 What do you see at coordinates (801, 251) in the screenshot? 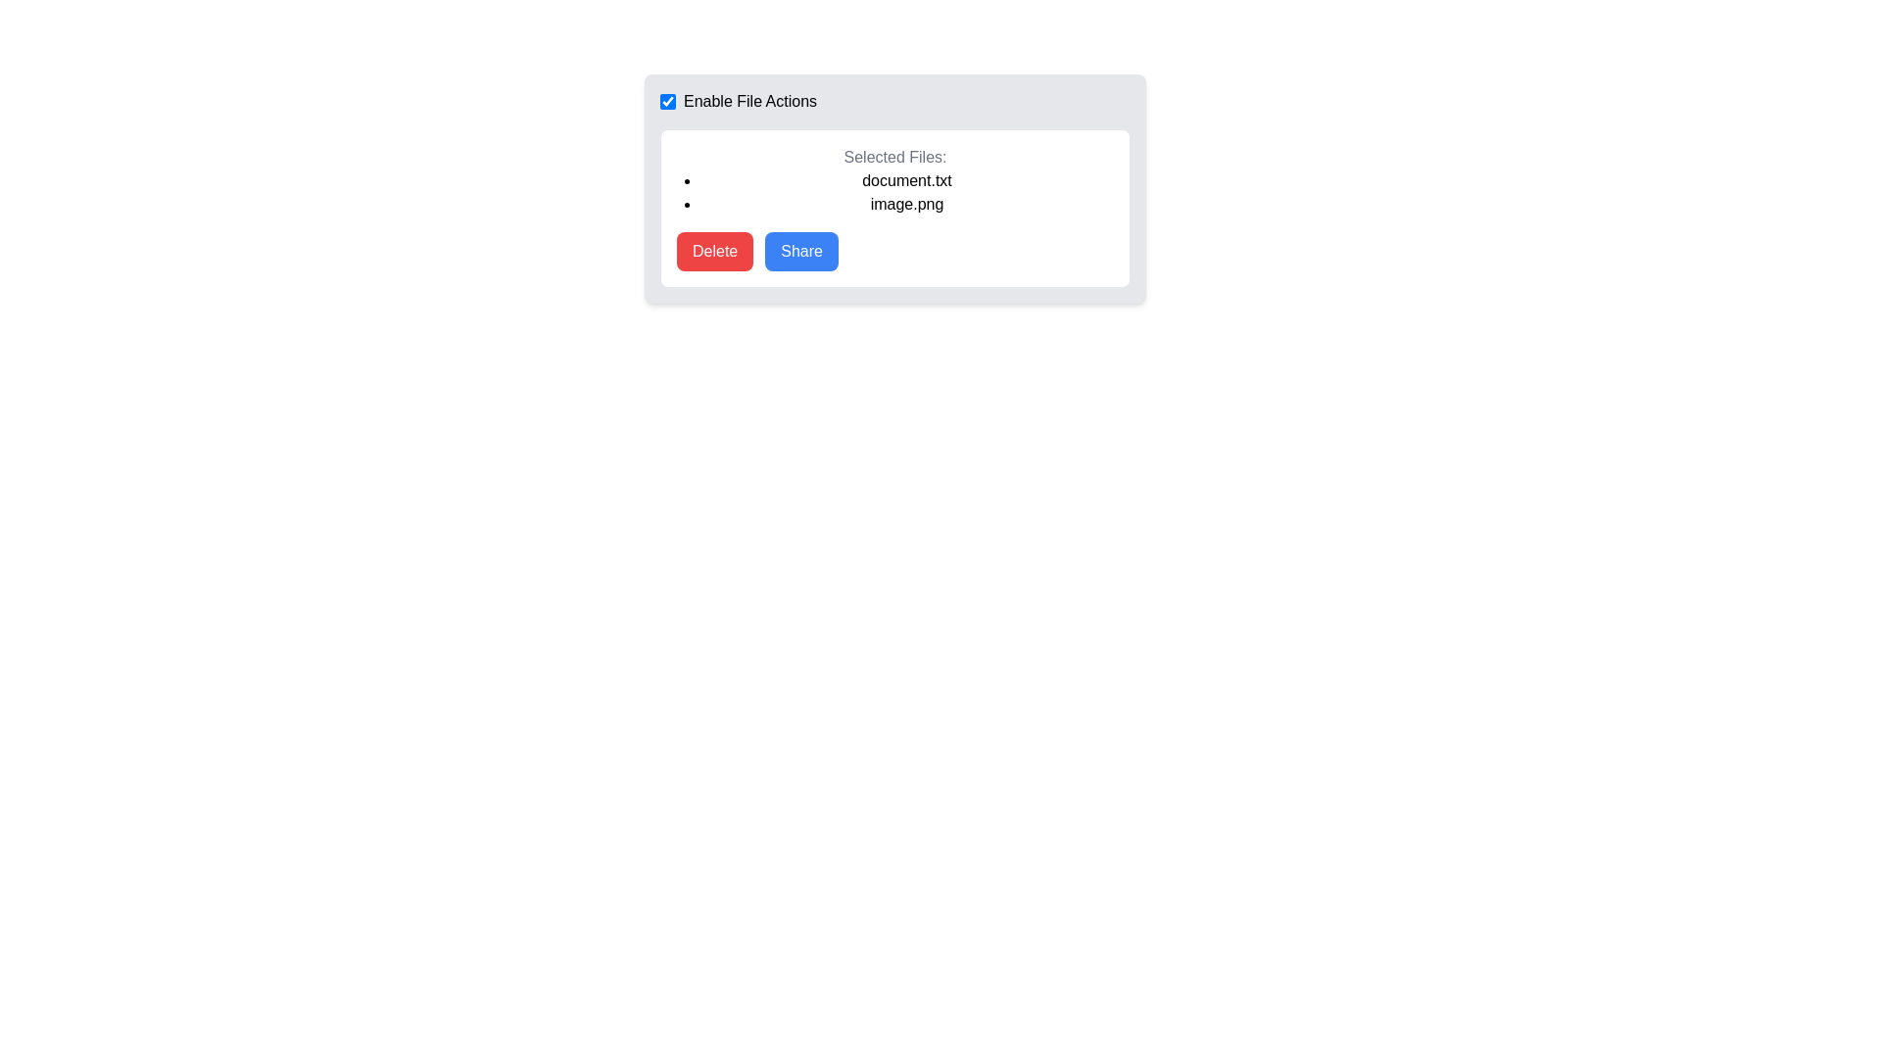
I see `the 'Share' button located to the right of the red 'Delete' button in the horizontal arrangement of buttons below the 'Selected Files' section` at bounding box center [801, 251].